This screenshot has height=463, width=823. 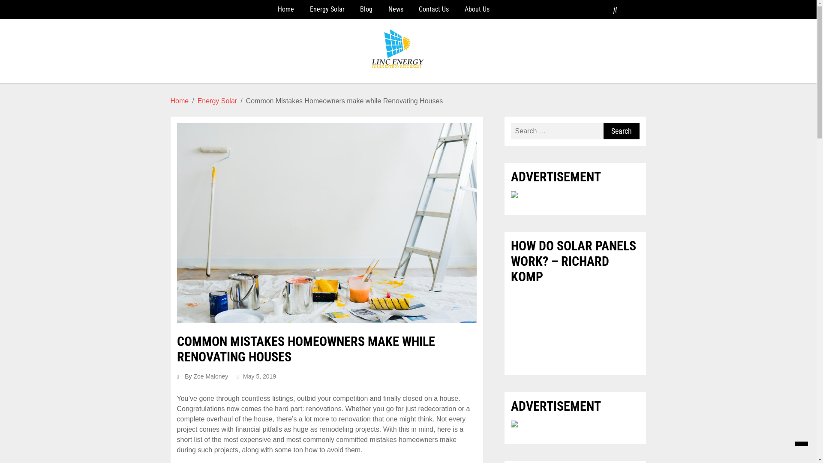 I want to click on 'About Us', so click(x=477, y=9).